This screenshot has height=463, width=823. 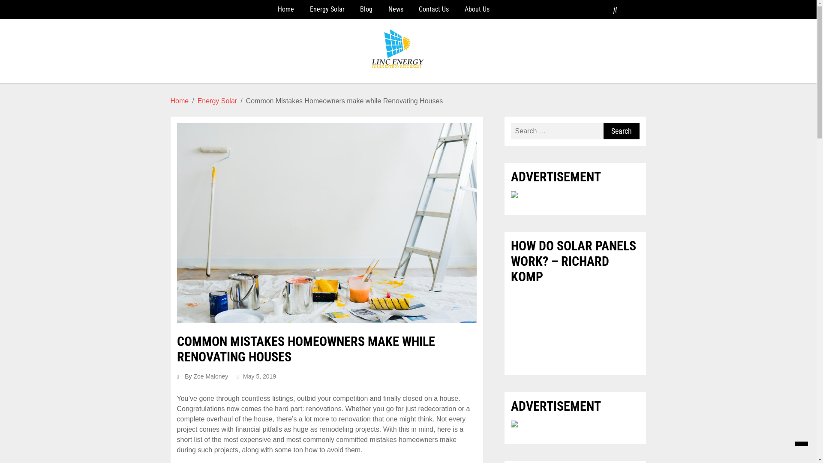 I want to click on 'About Us', so click(x=477, y=9).